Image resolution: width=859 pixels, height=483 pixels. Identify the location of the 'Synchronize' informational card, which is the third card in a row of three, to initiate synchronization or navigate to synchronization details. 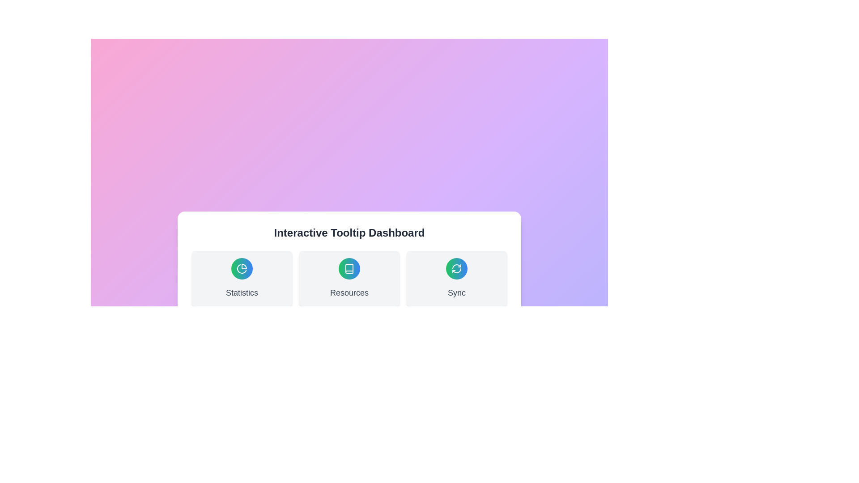
(457, 278).